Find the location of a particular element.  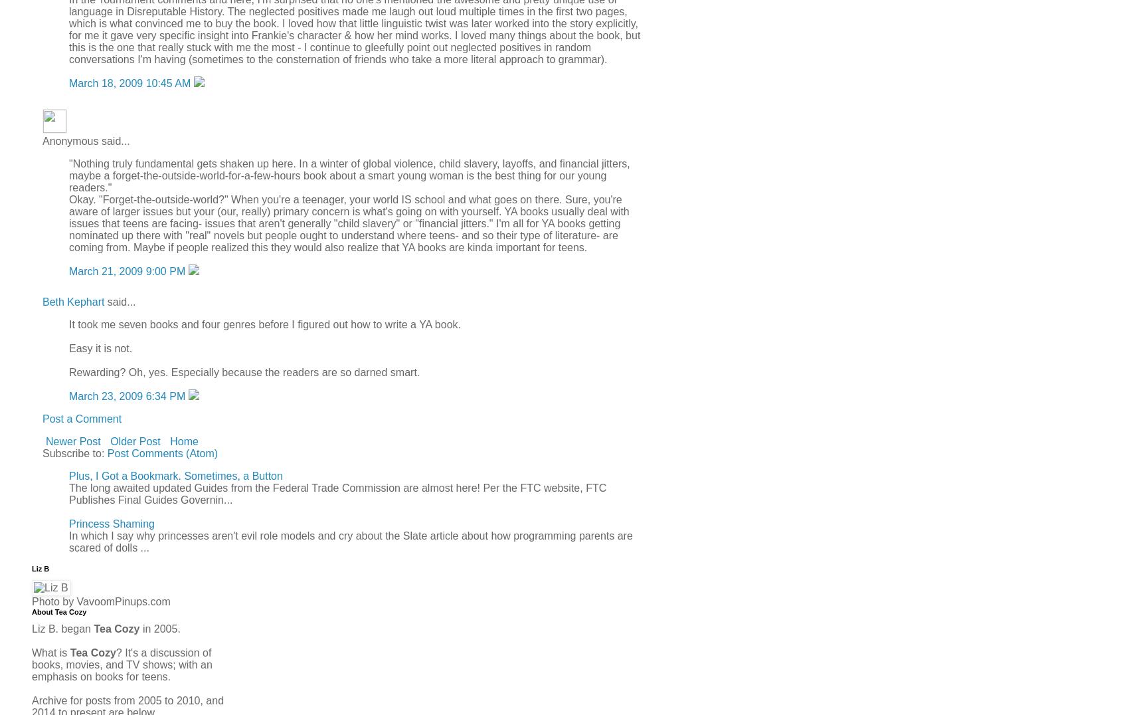

'In which I say why princesses aren't evil role models and cry about the Slate article about how programming parents are scared of dolls ...' is located at coordinates (350, 540).